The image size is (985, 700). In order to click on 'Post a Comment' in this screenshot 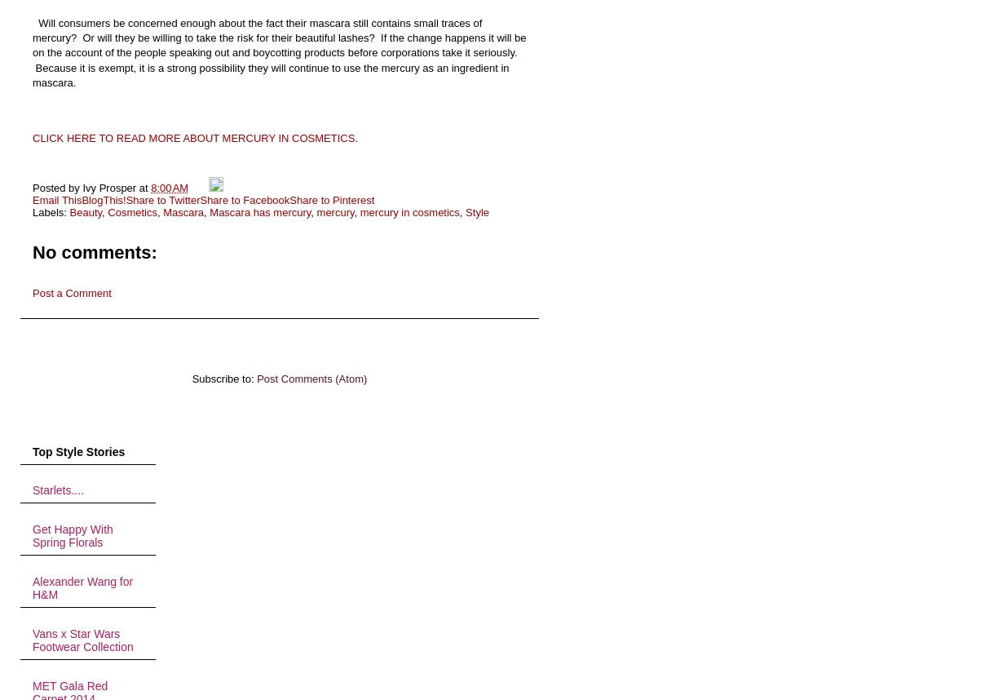, I will do `click(31, 293)`.